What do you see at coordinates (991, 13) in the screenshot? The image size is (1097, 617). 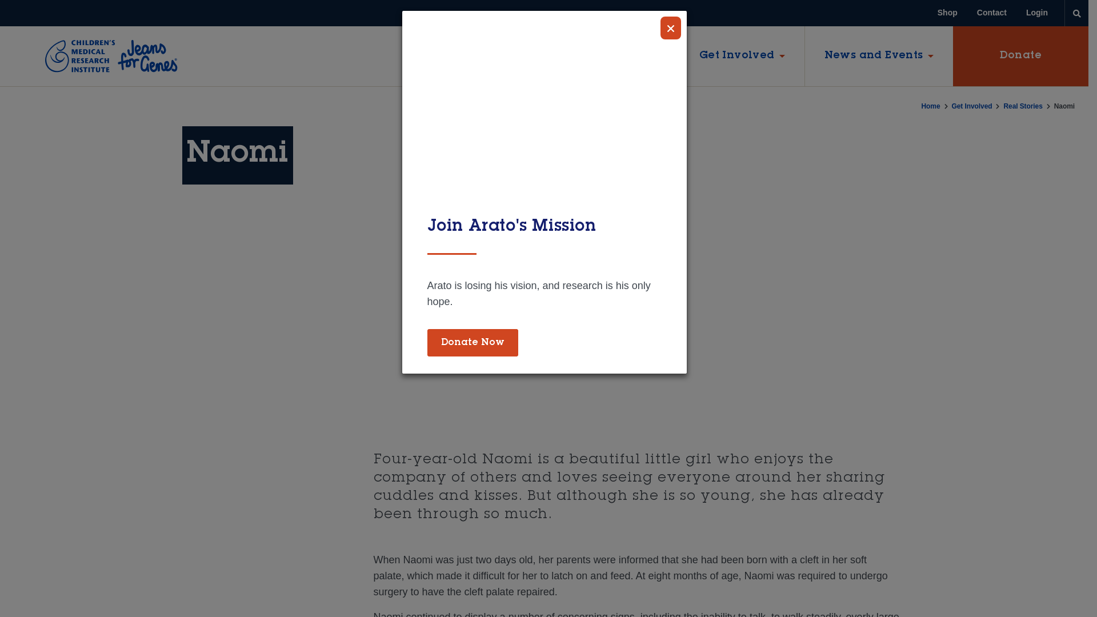 I see `'Contact'` at bounding box center [991, 13].